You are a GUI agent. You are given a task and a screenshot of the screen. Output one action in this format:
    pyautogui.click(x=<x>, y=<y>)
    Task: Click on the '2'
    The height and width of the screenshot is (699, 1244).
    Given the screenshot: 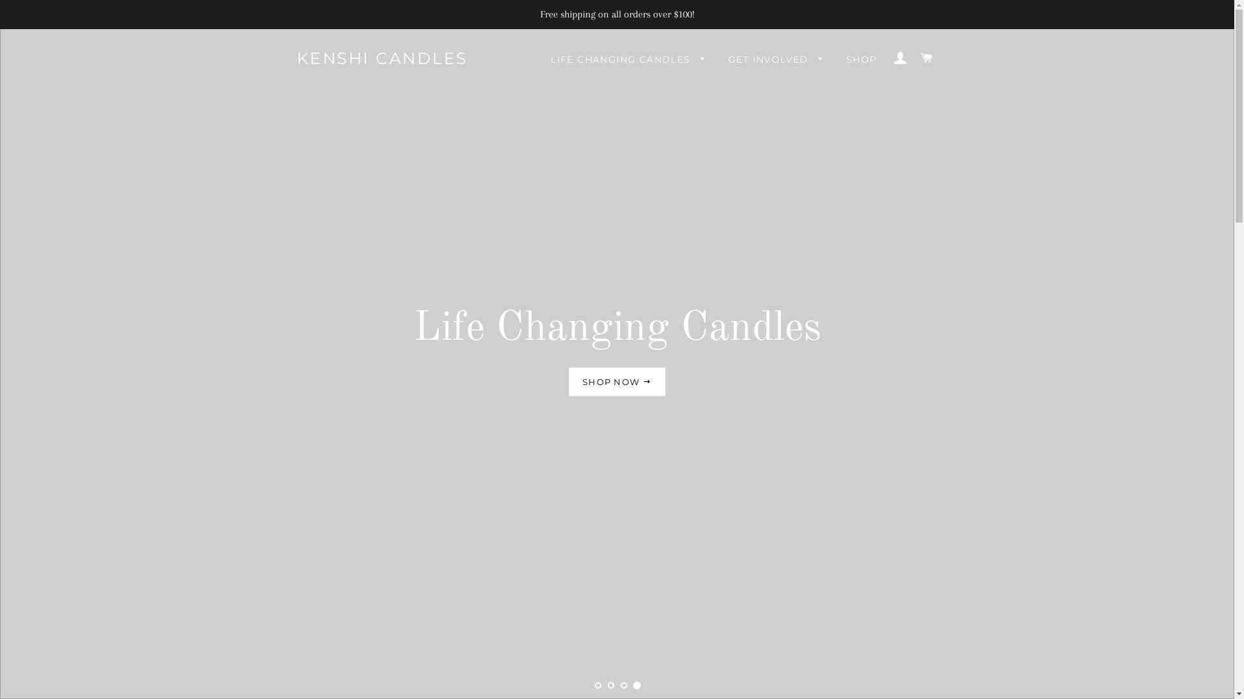 What is the action you would take?
    pyautogui.click(x=603, y=683)
    